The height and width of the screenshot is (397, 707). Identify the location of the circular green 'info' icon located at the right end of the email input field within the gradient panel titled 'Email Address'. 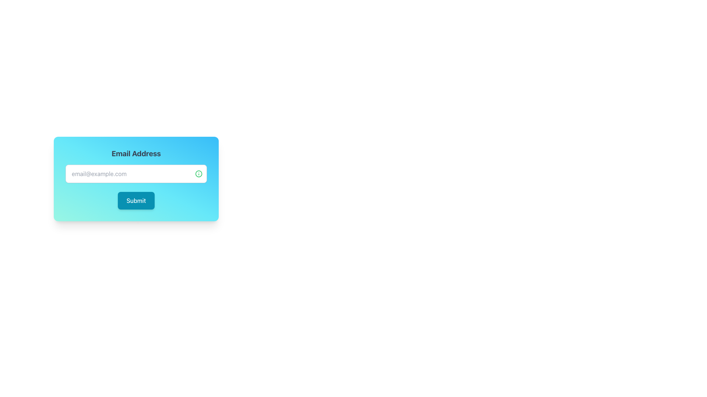
(198, 174).